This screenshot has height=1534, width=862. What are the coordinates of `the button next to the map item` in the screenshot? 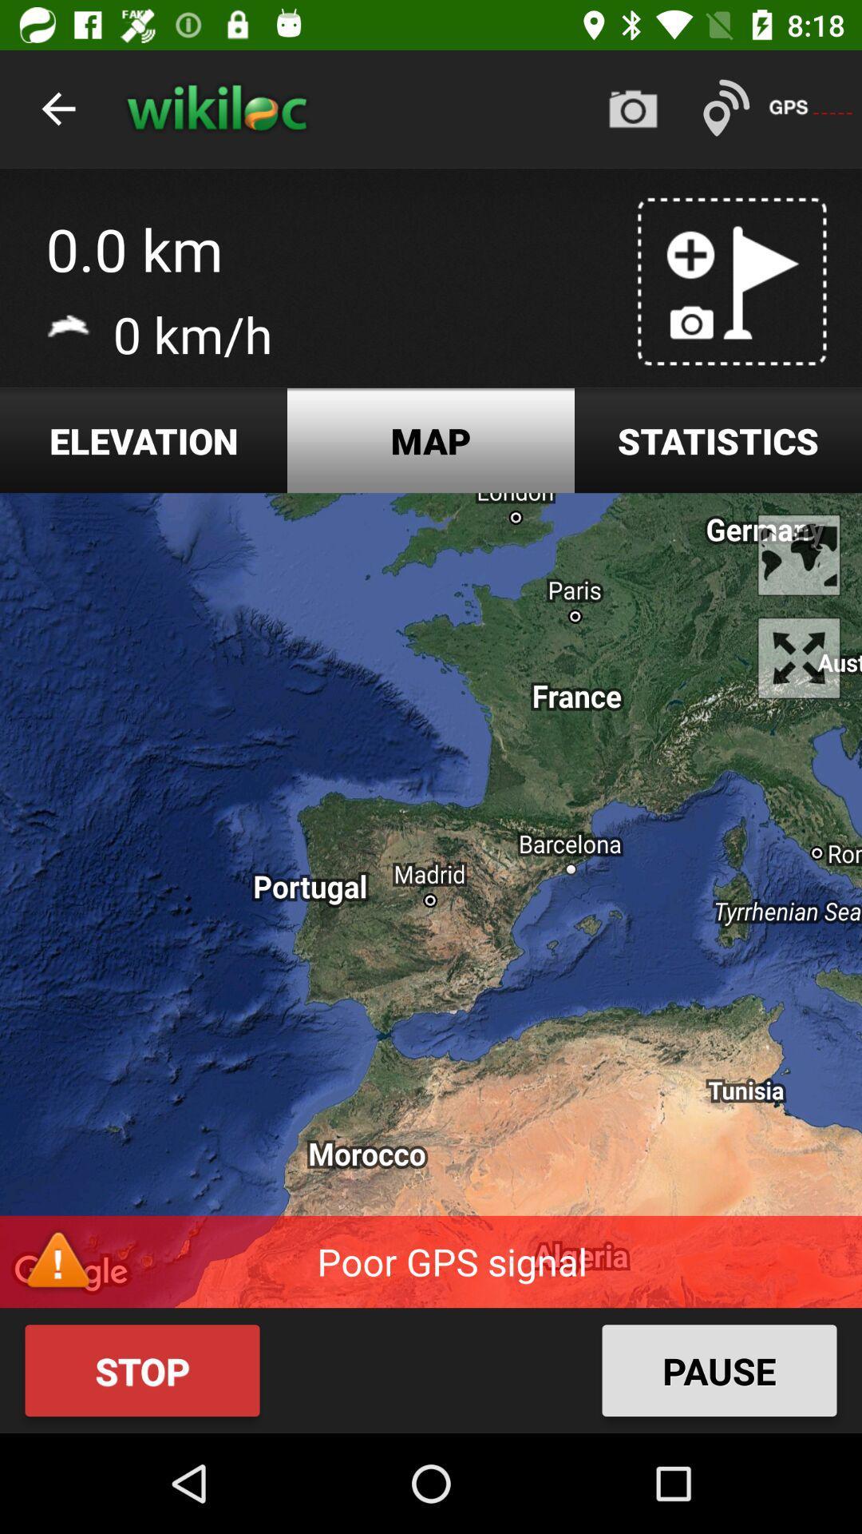 It's located at (717, 440).